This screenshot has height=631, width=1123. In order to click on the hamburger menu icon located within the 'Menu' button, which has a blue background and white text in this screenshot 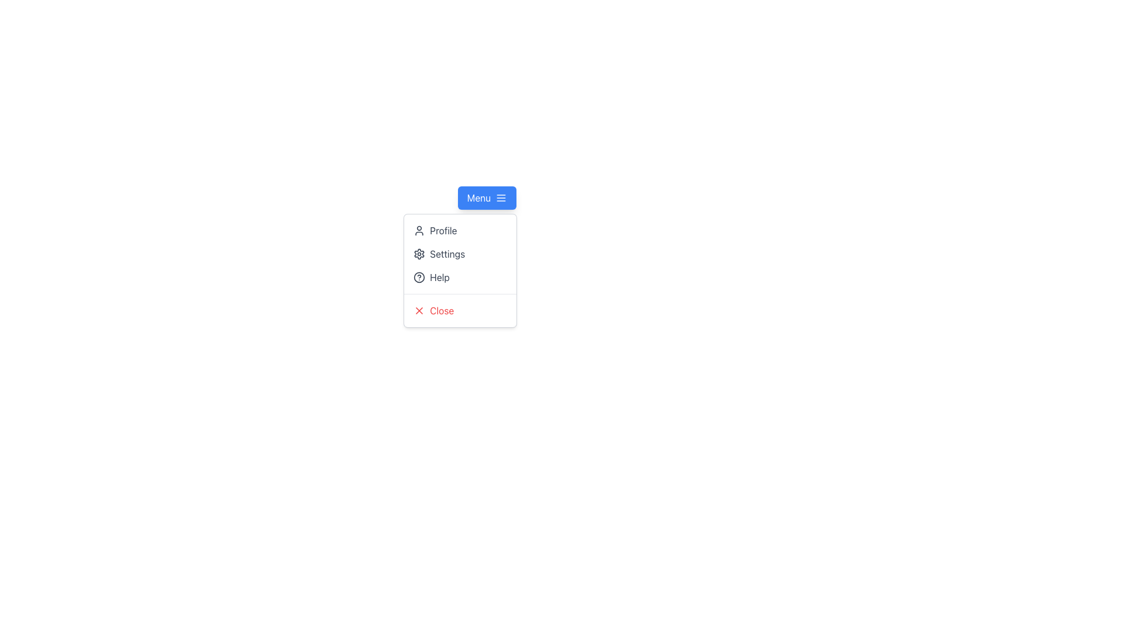, I will do `click(501, 197)`.